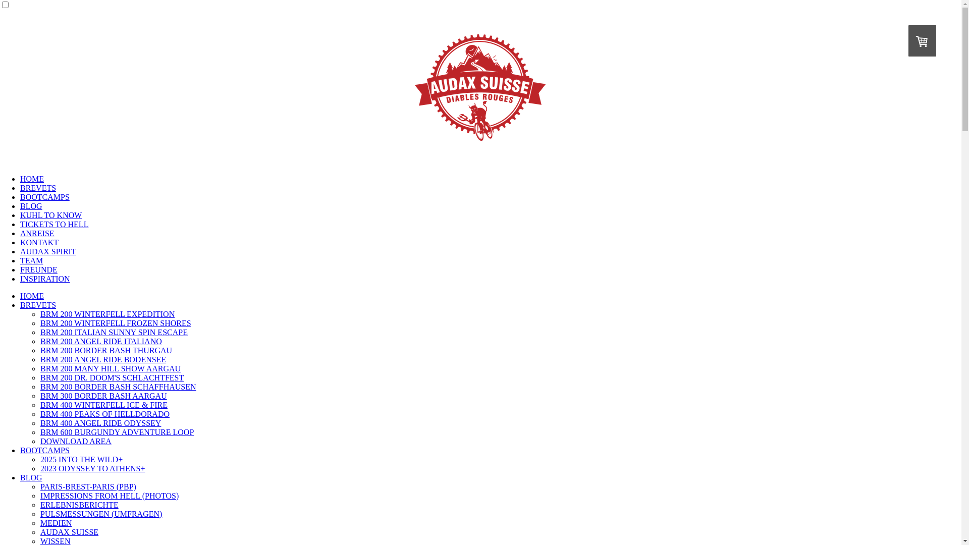  What do you see at coordinates (79, 505) in the screenshot?
I see `'ERLEBNISBERICHTE'` at bounding box center [79, 505].